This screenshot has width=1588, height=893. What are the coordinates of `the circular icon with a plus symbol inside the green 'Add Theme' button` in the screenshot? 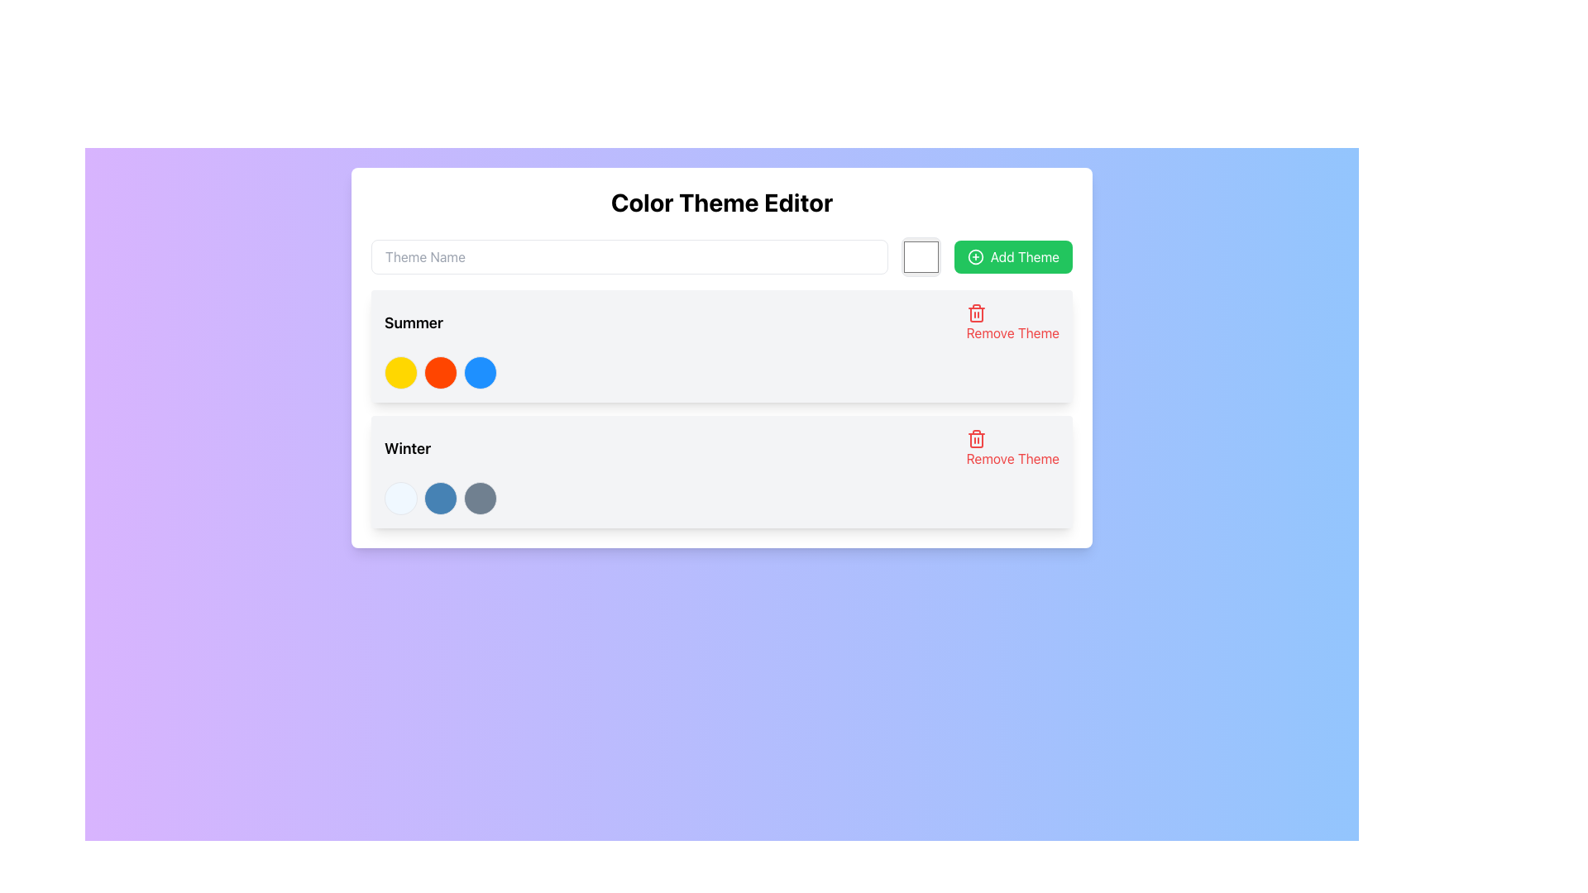 It's located at (975, 257).